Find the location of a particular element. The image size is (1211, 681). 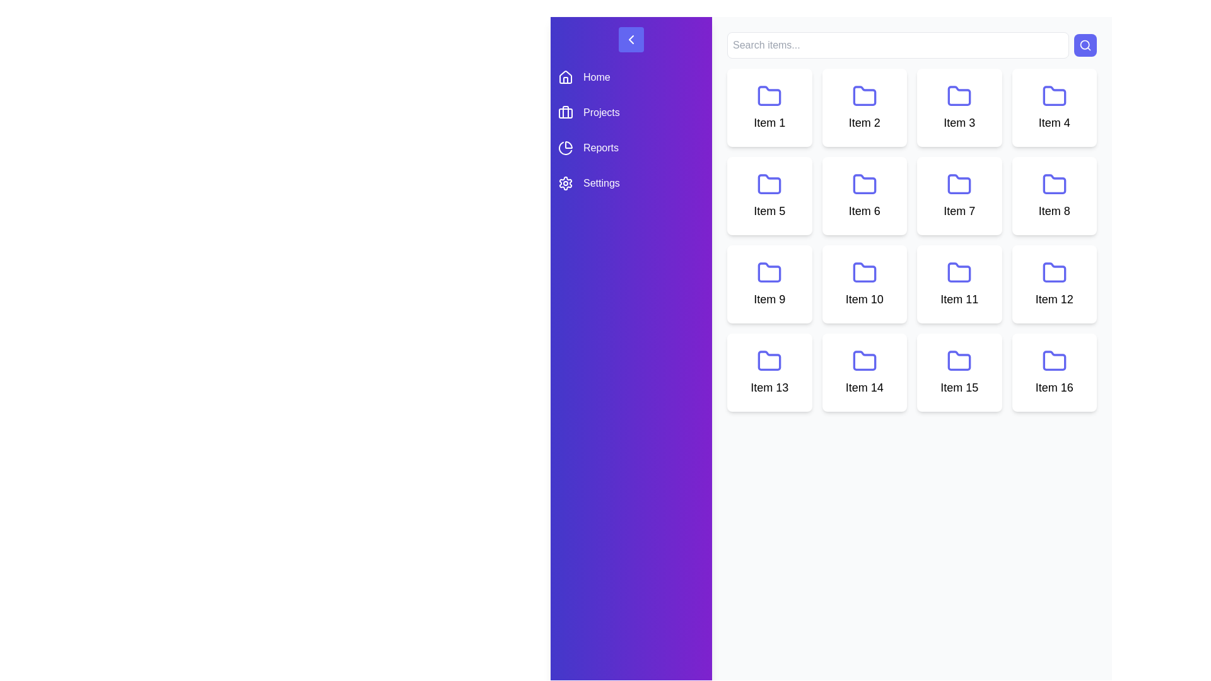

the menu item Projects to navigate to the corresponding section is located at coordinates (631, 112).